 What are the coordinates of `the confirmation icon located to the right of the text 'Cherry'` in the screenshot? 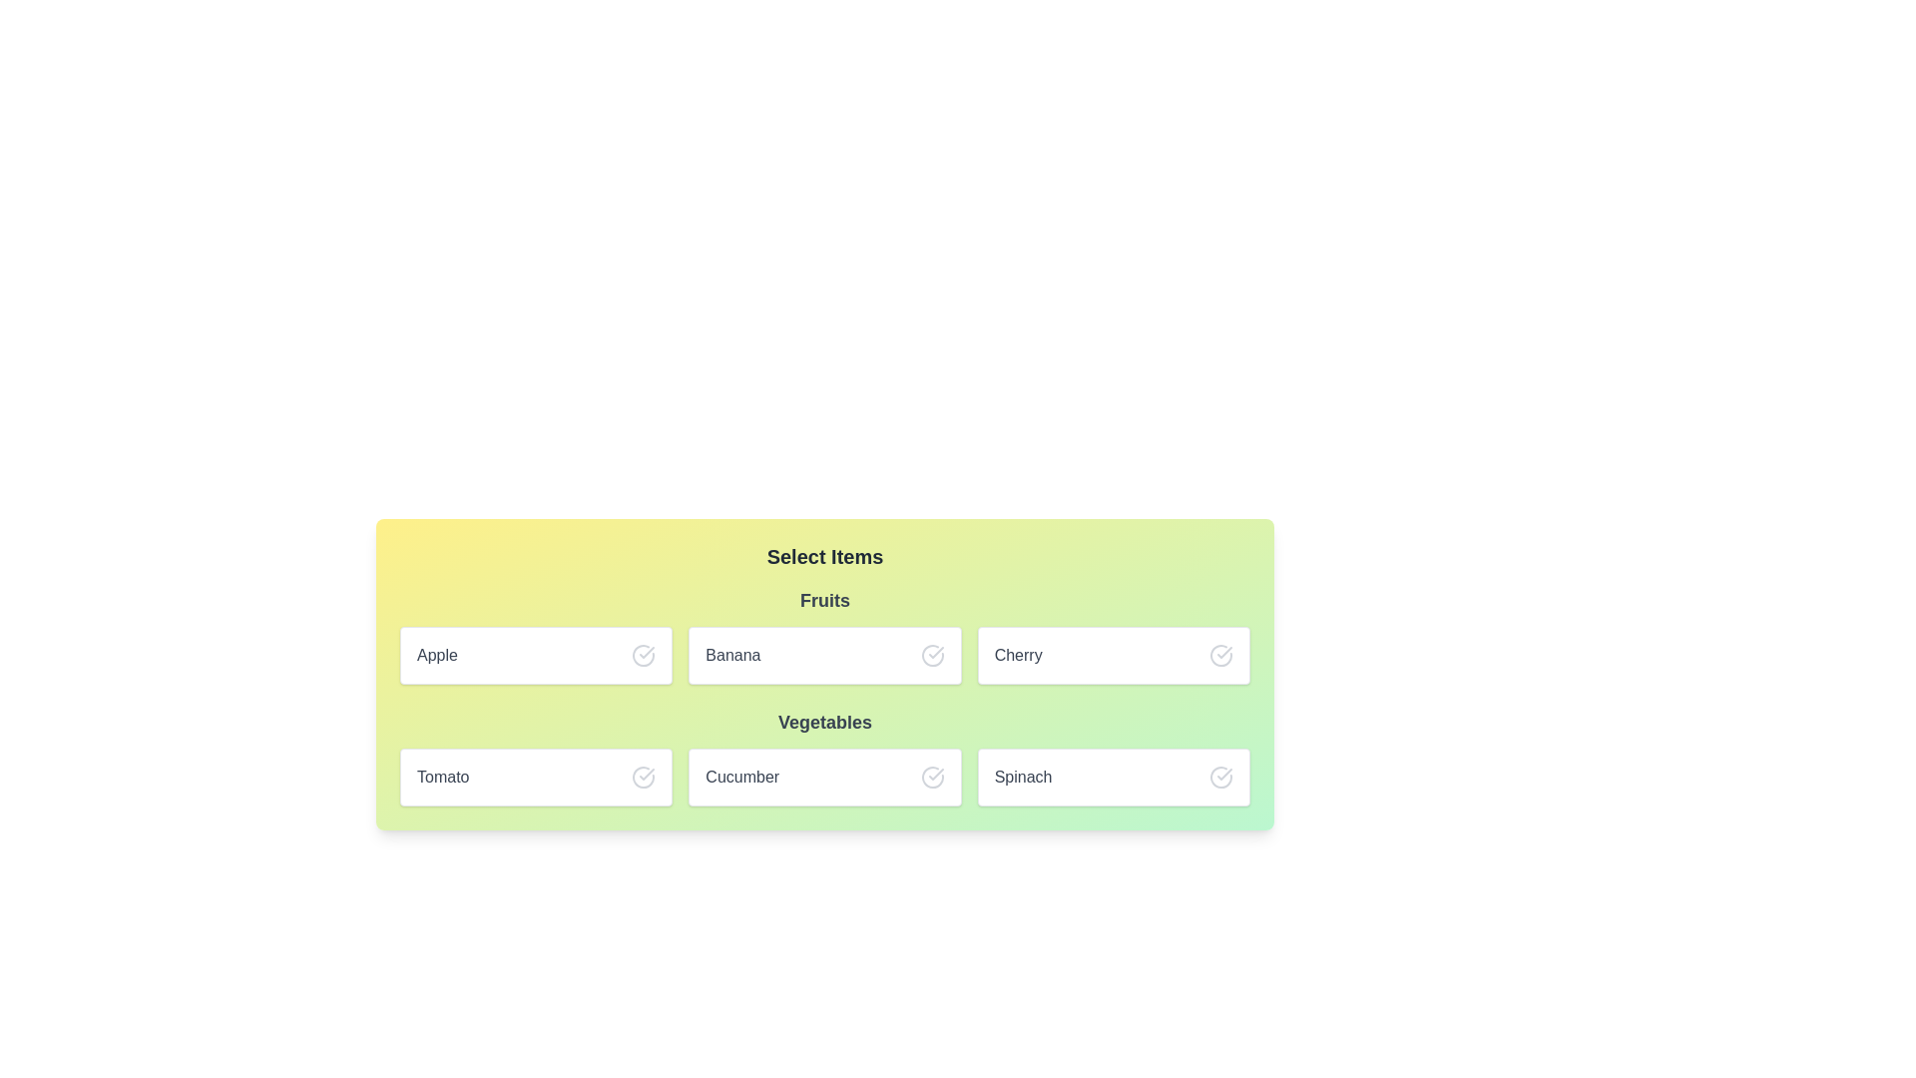 It's located at (1220, 655).